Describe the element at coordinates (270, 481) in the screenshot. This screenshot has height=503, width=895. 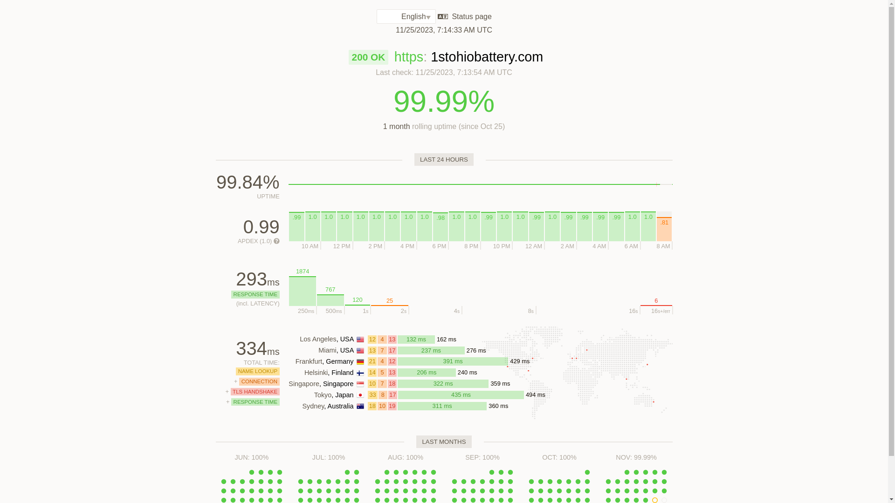
I see `'<small>Jun 10:</small> No downtime'` at that location.